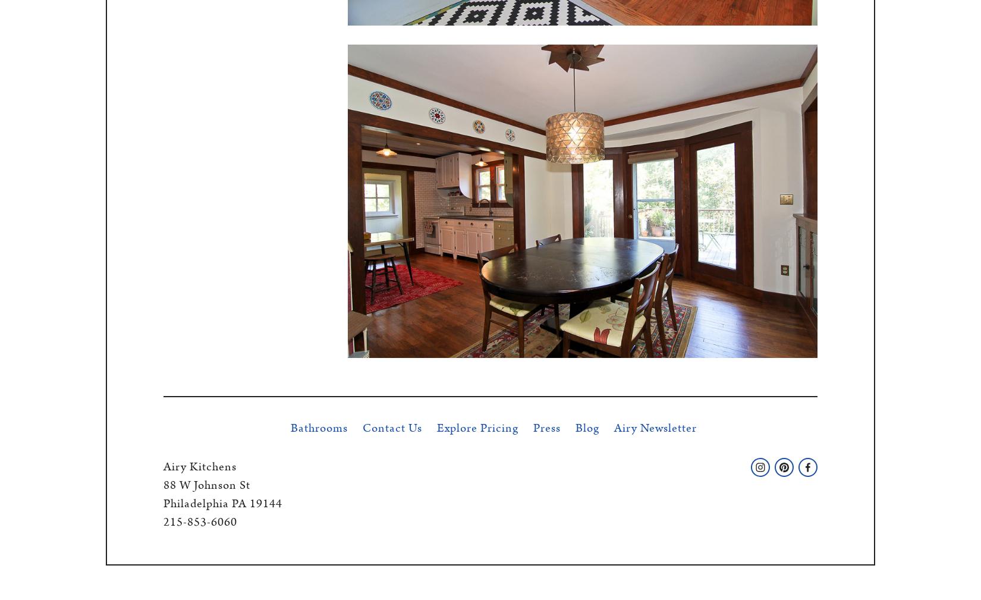 The width and height of the screenshot is (981, 600). What do you see at coordinates (476, 428) in the screenshot?
I see `'Explore Pricing'` at bounding box center [476, 428].